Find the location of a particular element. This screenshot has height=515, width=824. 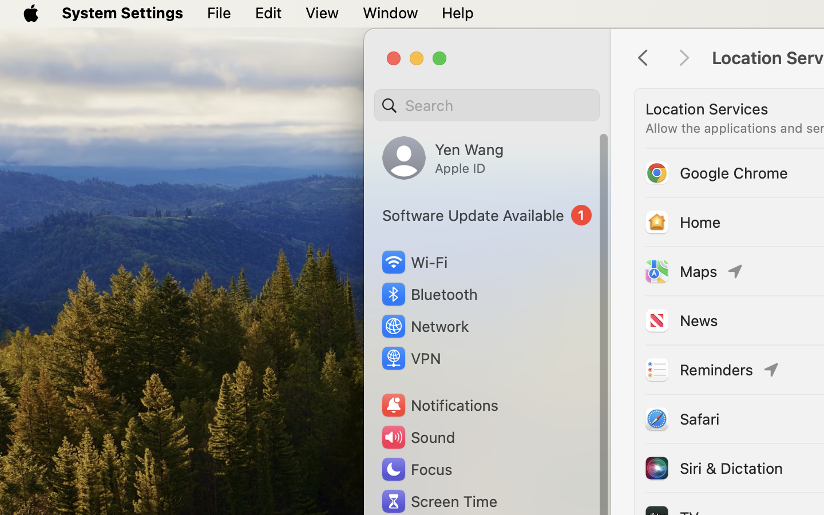

'Safari' is located at coordinates (682, 418).